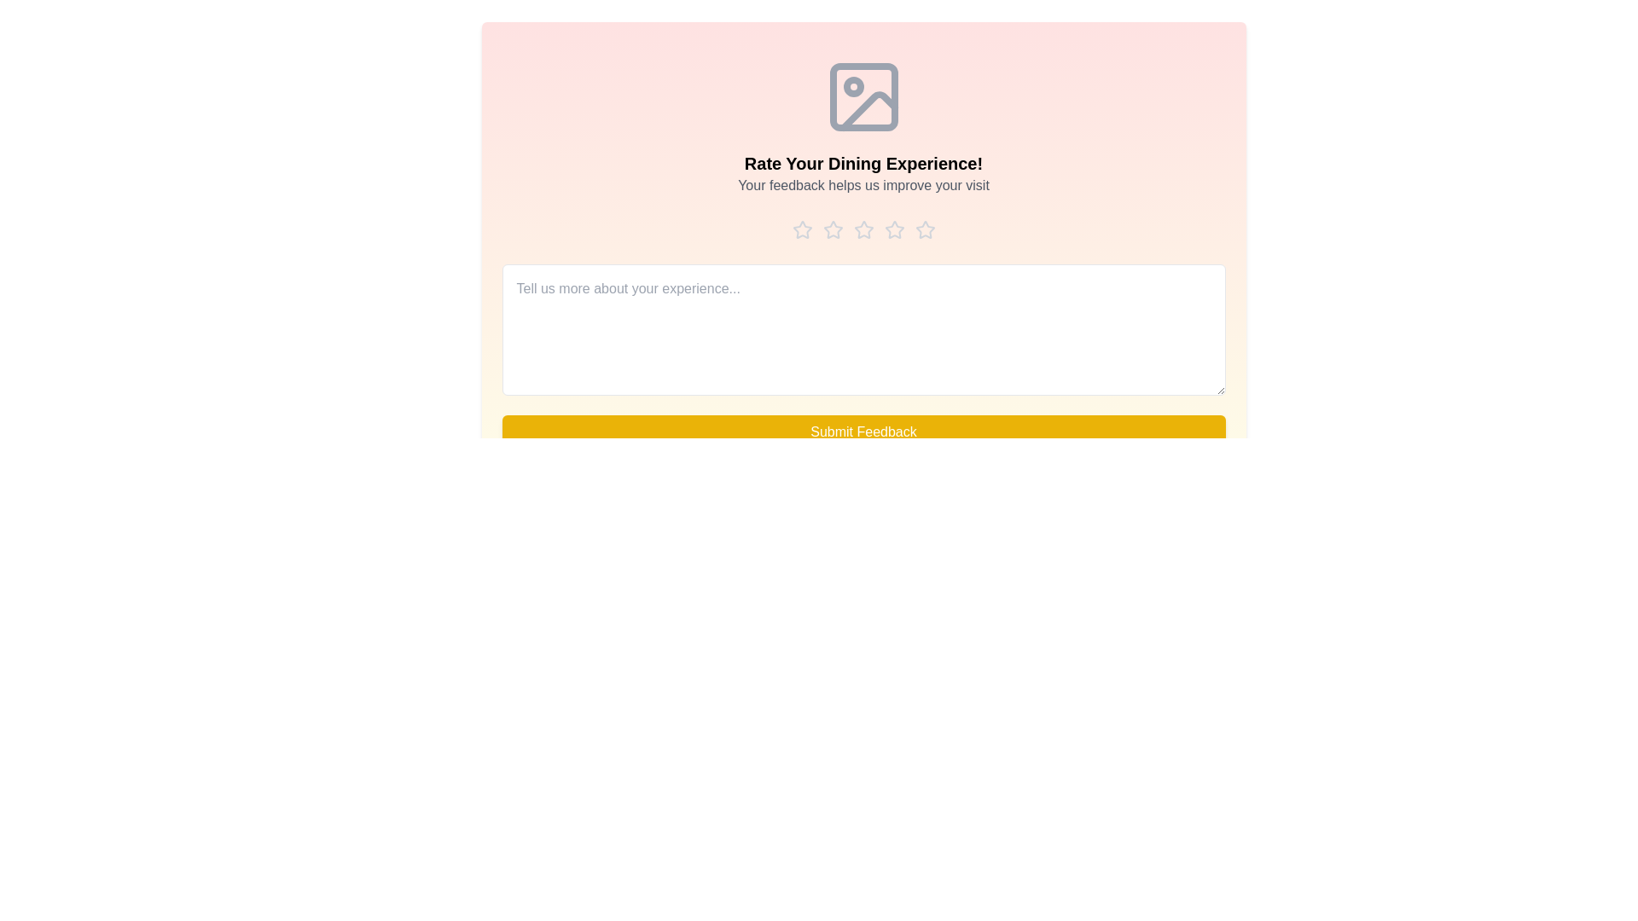  Describe the element at coordinates (924, 230) in the screenshot. I see `the star corresponding to the rating 5 to preview it` at that location.